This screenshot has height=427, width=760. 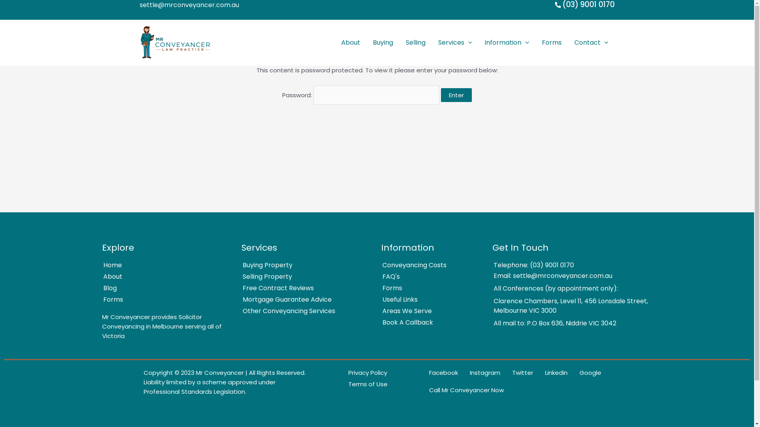 I want to click on 'Selling', so click(x=415, y=43).